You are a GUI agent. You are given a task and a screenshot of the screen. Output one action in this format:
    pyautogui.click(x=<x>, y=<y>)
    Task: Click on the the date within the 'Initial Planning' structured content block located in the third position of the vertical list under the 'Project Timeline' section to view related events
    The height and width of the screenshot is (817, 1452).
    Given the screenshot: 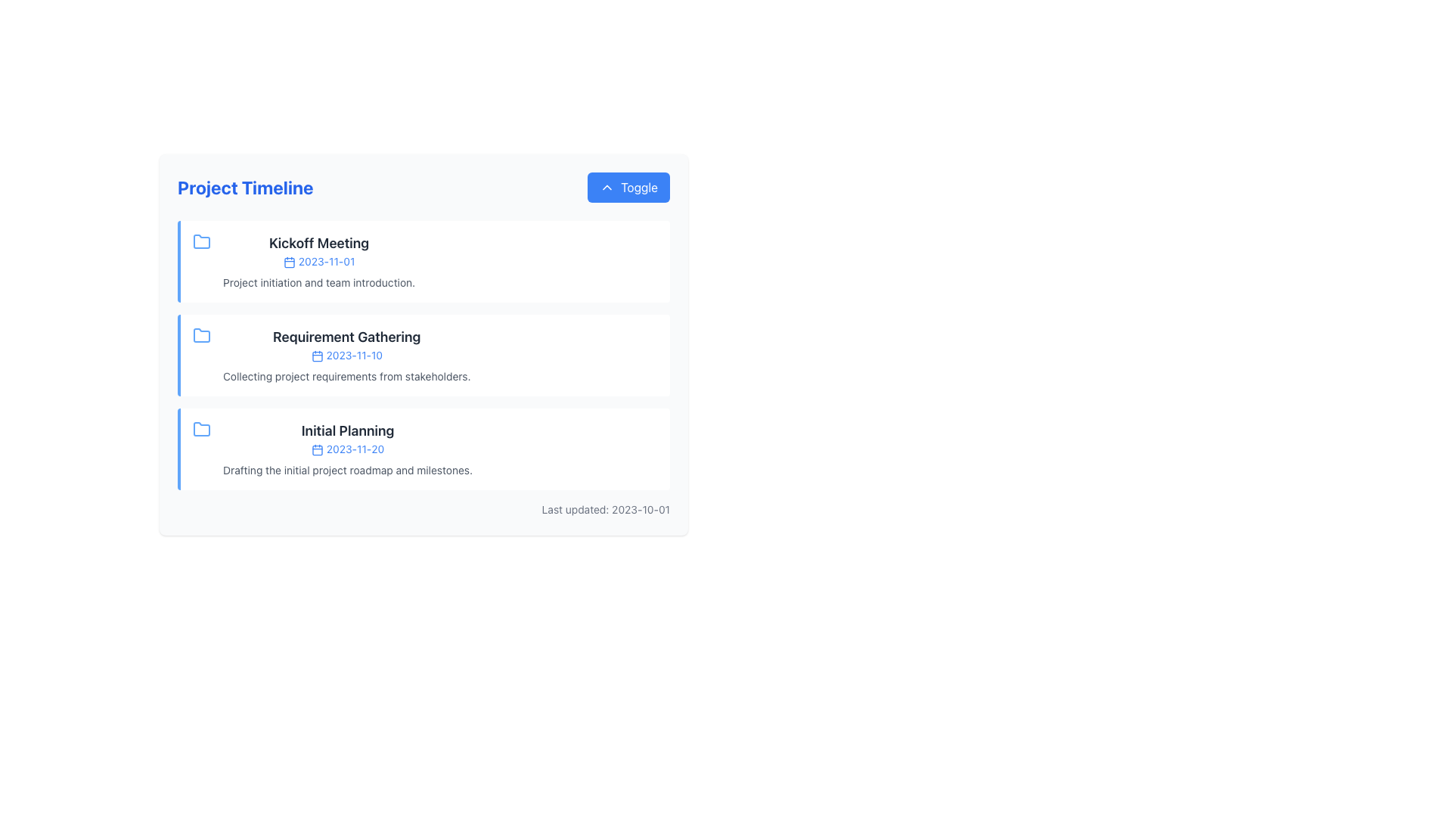 What is the action you would take?
    pyautogui.click(x=424, y=449)
    